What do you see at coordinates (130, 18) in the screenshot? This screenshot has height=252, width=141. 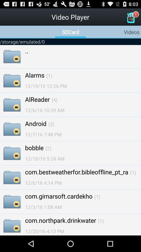 I see `the icon which is to the right of the video player` at bounding box center [130, 18].